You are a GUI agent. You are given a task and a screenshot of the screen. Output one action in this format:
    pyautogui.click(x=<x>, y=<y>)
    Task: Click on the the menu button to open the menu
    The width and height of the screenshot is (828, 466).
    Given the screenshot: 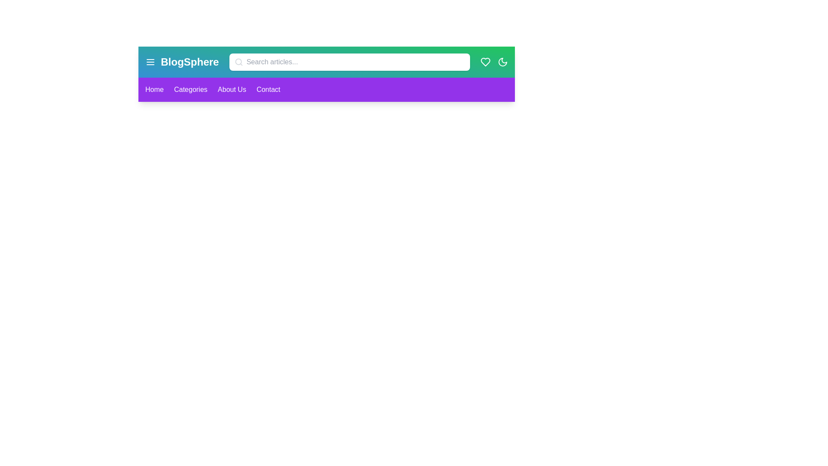 What is the action you would take?
    pyautogui.click(x=151, y=61)
    